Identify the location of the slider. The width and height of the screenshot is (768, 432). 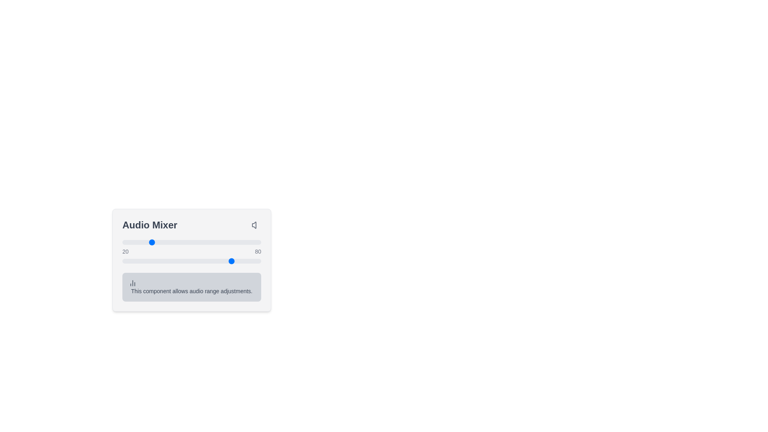
(221, 242).